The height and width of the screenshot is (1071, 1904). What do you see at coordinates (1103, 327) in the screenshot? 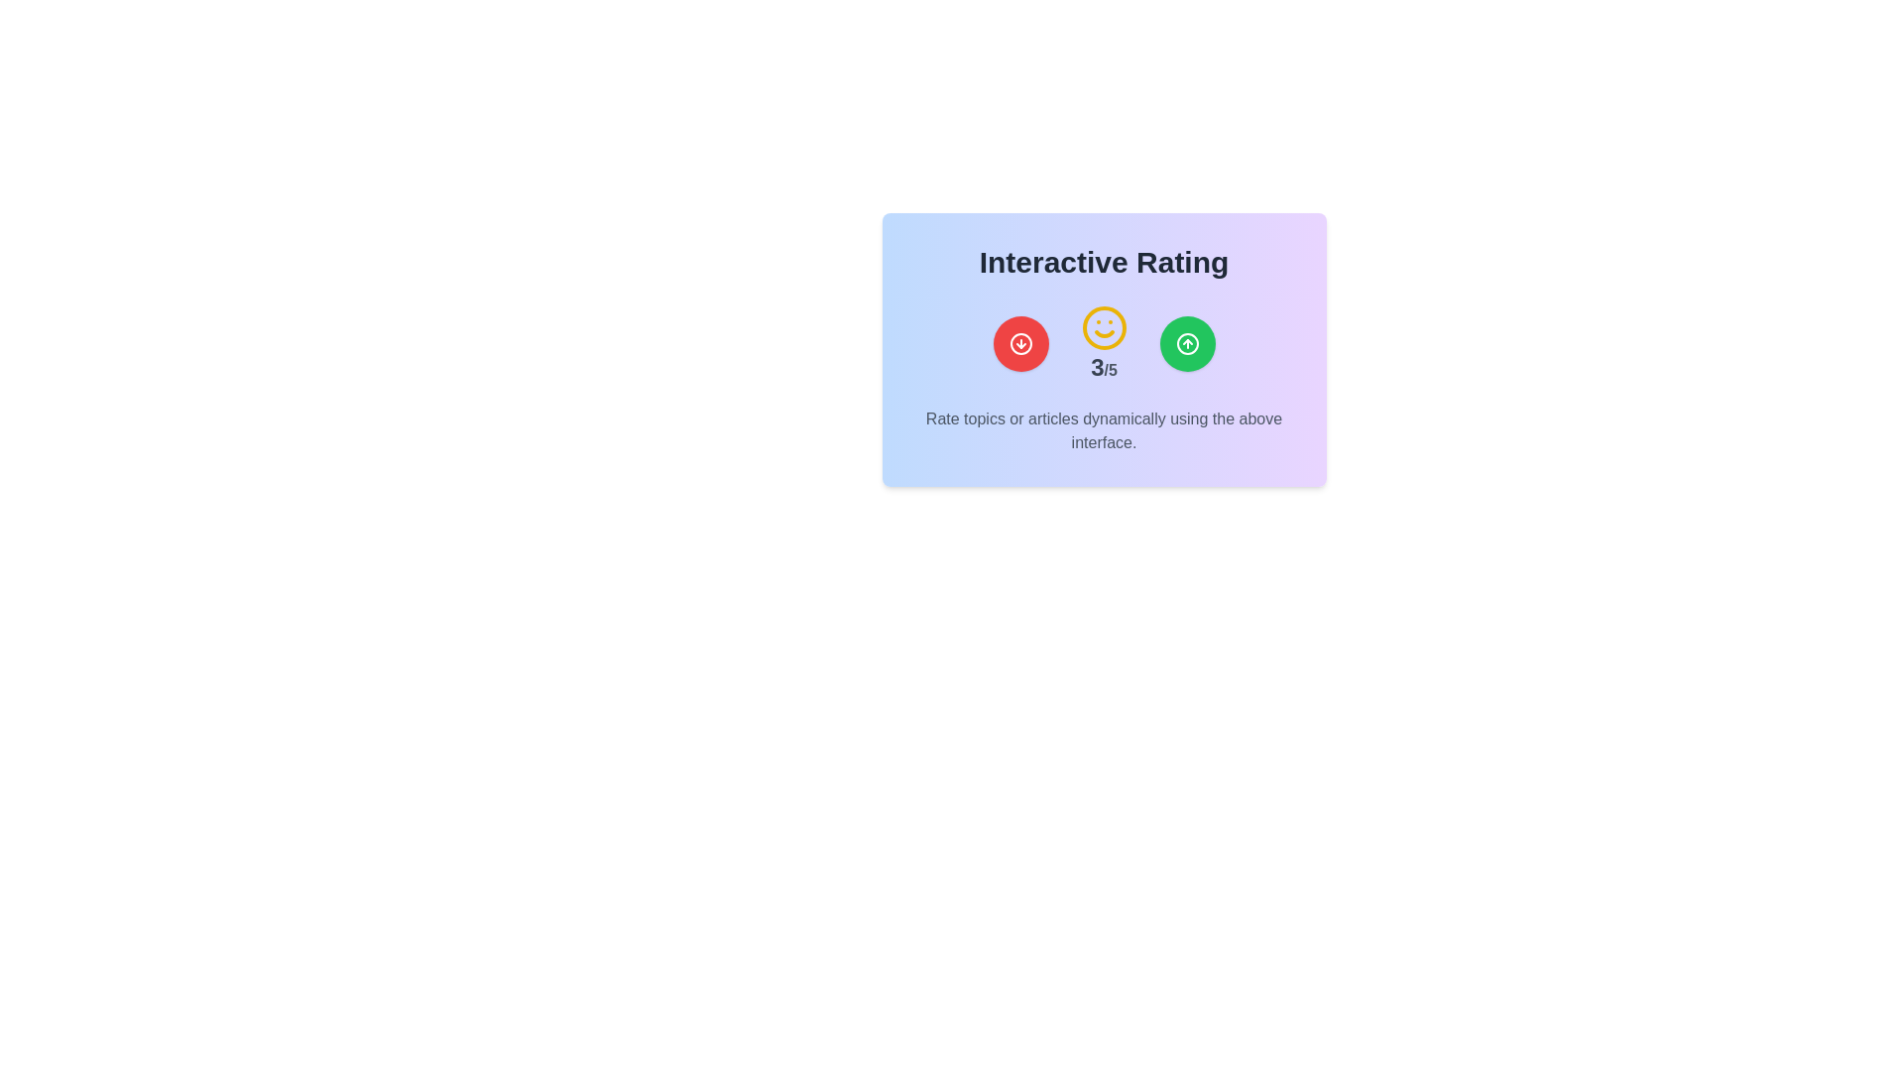
I see `the neutral smiley icon representing the average rating in the interactive rating system, located above the numerical rating '3/5'` at bounding box center [1103, 327].